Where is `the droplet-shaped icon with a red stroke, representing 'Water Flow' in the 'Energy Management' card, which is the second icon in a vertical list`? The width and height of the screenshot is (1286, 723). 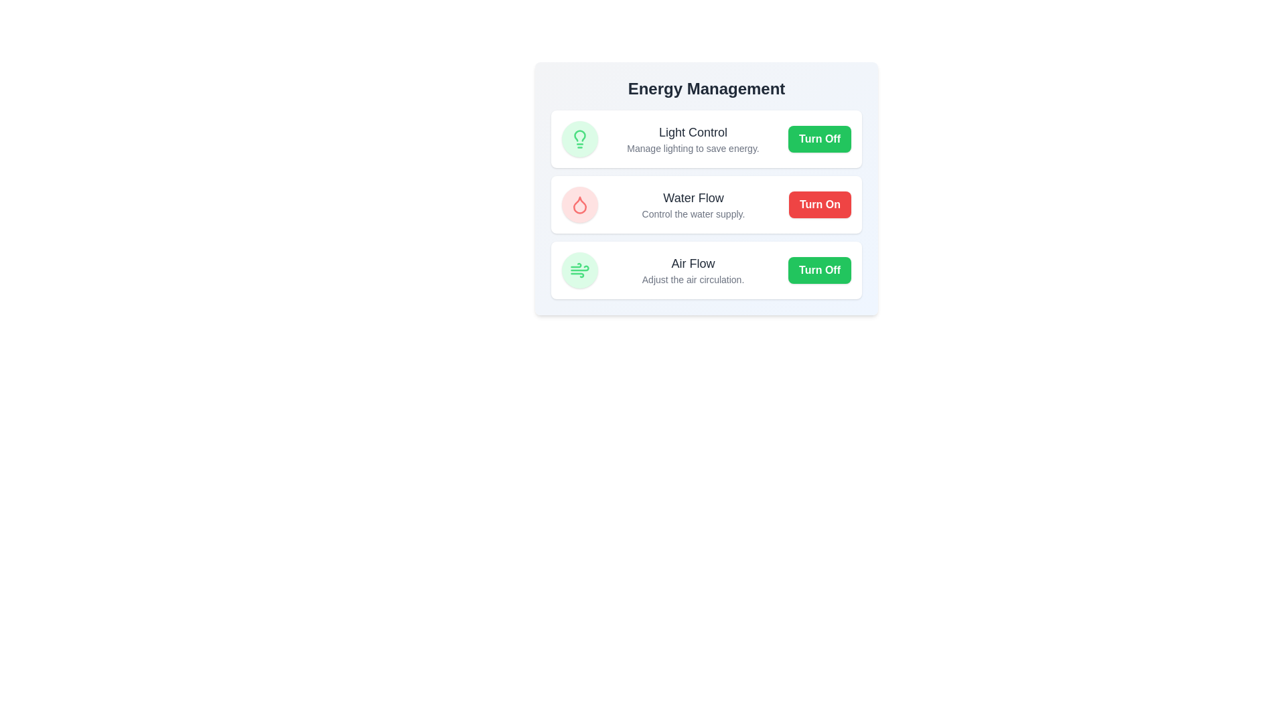
the droplet-shaped icon with a red stroke, representing 'Water Flow' in the 'Energy Management' card, which is the second icon in a vertical list is located at coordinates (579, 204).